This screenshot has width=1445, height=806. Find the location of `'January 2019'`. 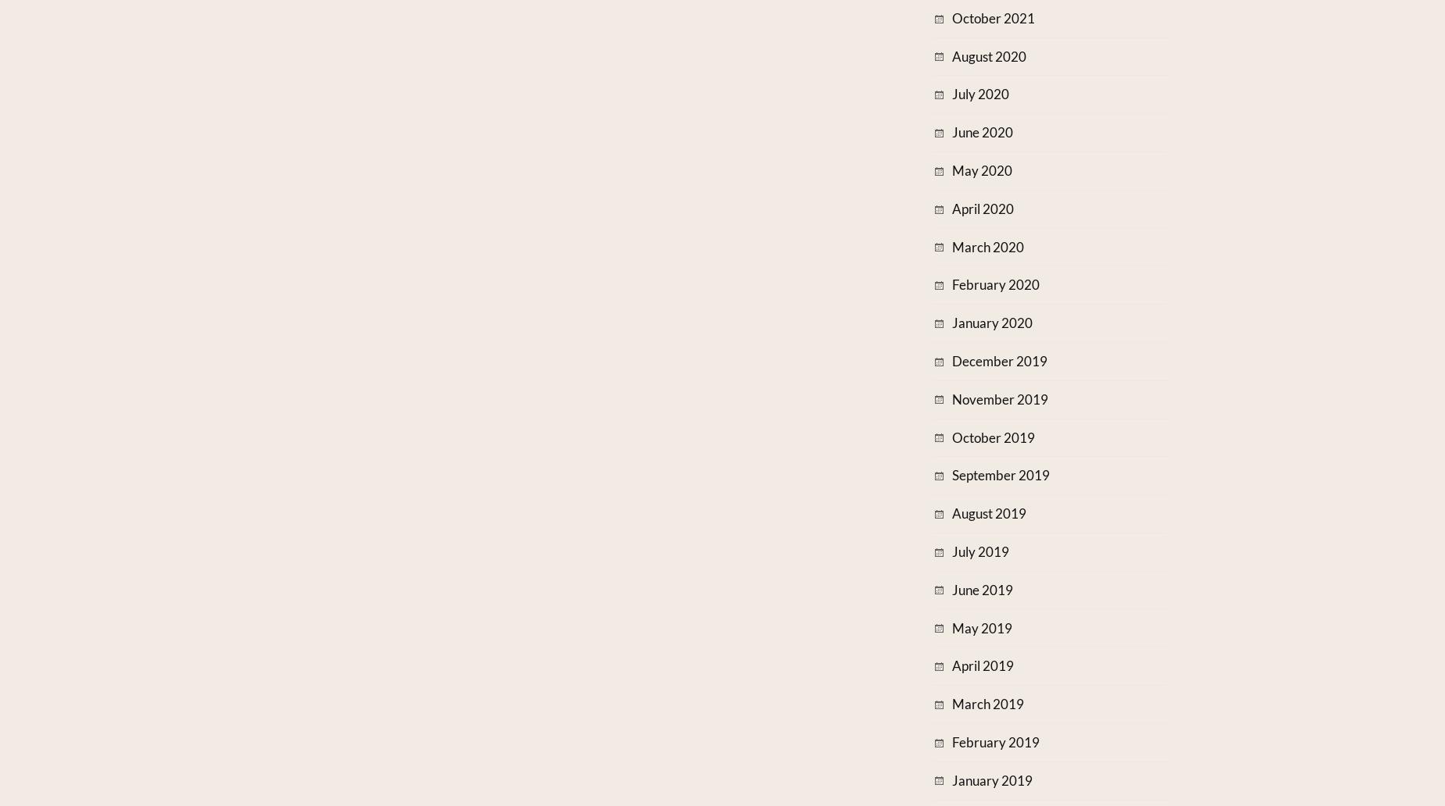

'January 2019' is located at coordinates (991, 779).